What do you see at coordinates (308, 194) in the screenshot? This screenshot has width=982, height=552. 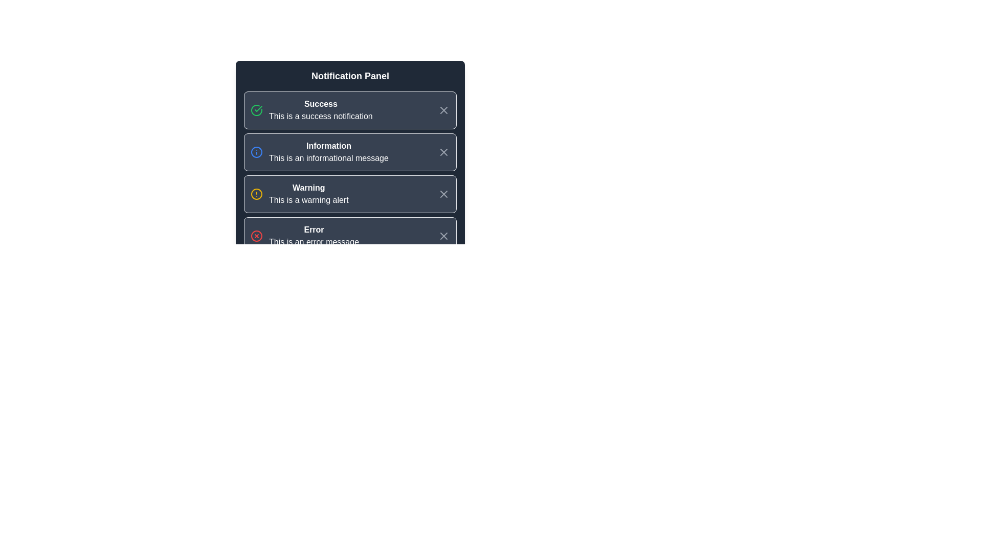 I see `displayed text from the two-line text block labeled 'Warning' within the notification panel, which contains the message 'This is a warning alert'` at bounding box center [308, 194].